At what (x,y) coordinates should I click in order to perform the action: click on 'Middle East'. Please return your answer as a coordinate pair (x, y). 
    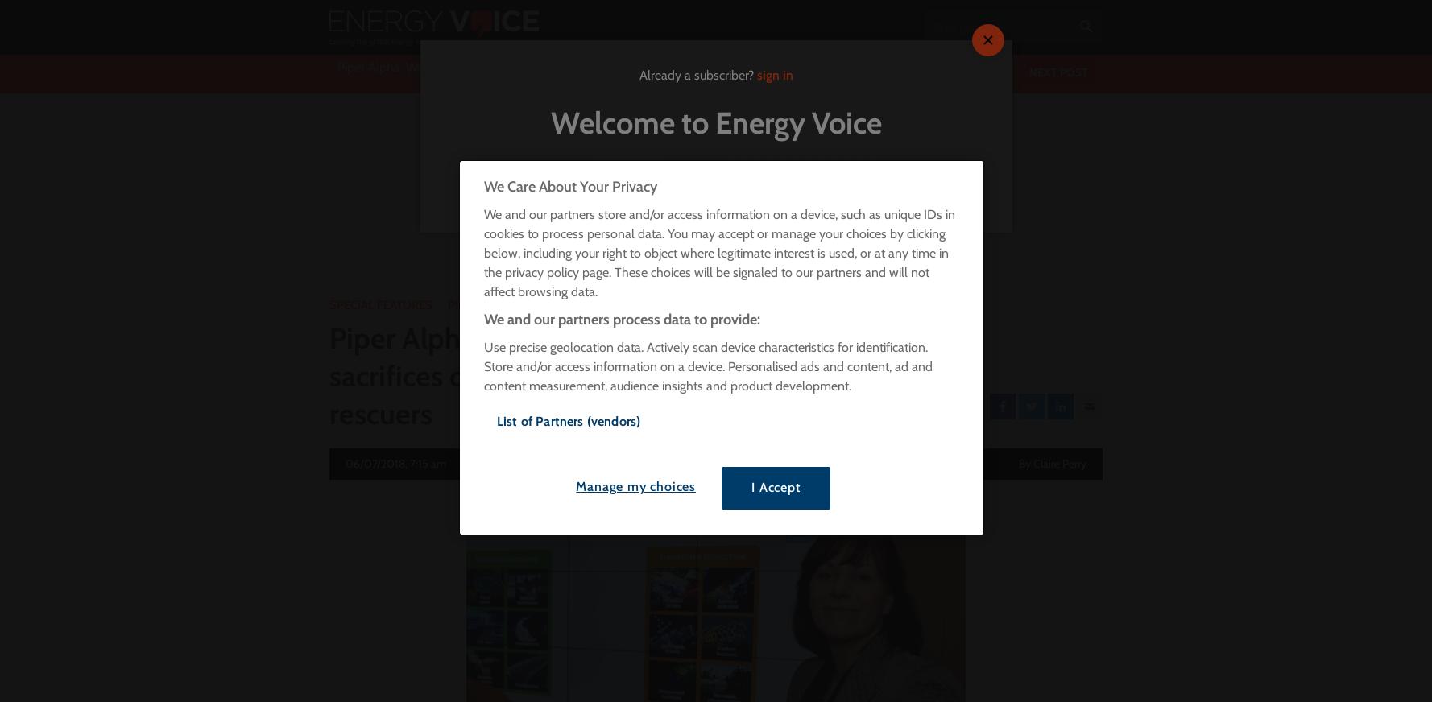
    Looking at the image, I should click on (627, 186).